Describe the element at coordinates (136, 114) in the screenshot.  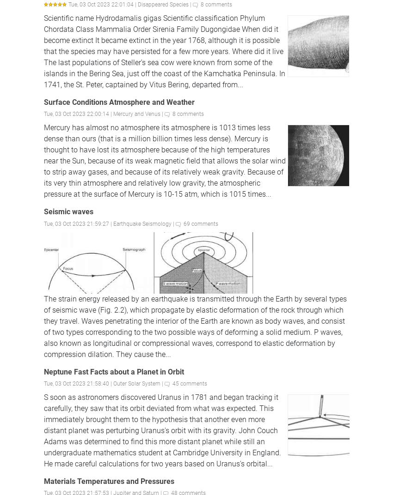
I see `'Mercury and Venus'` at that location.